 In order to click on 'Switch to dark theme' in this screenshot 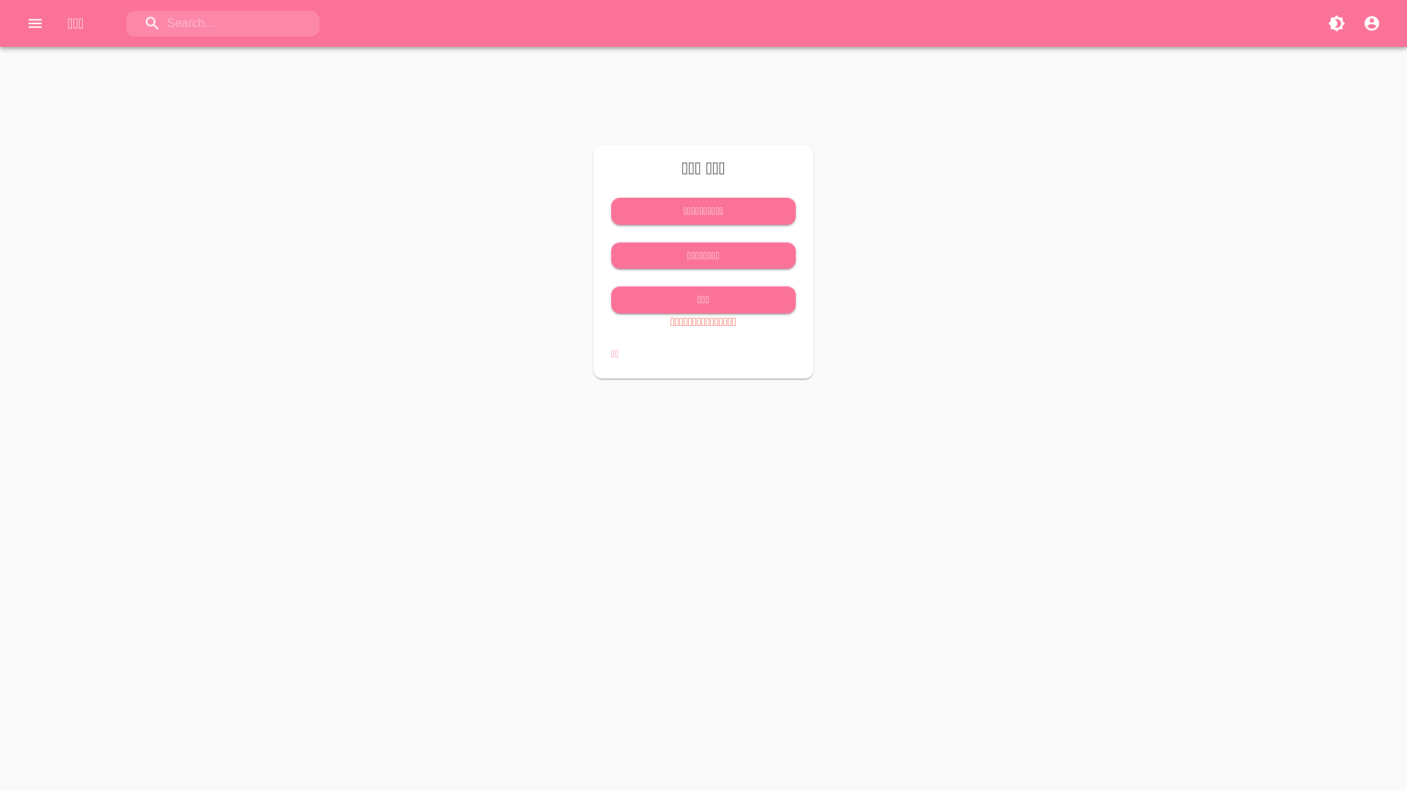, I will do `click(1337, 23)`.